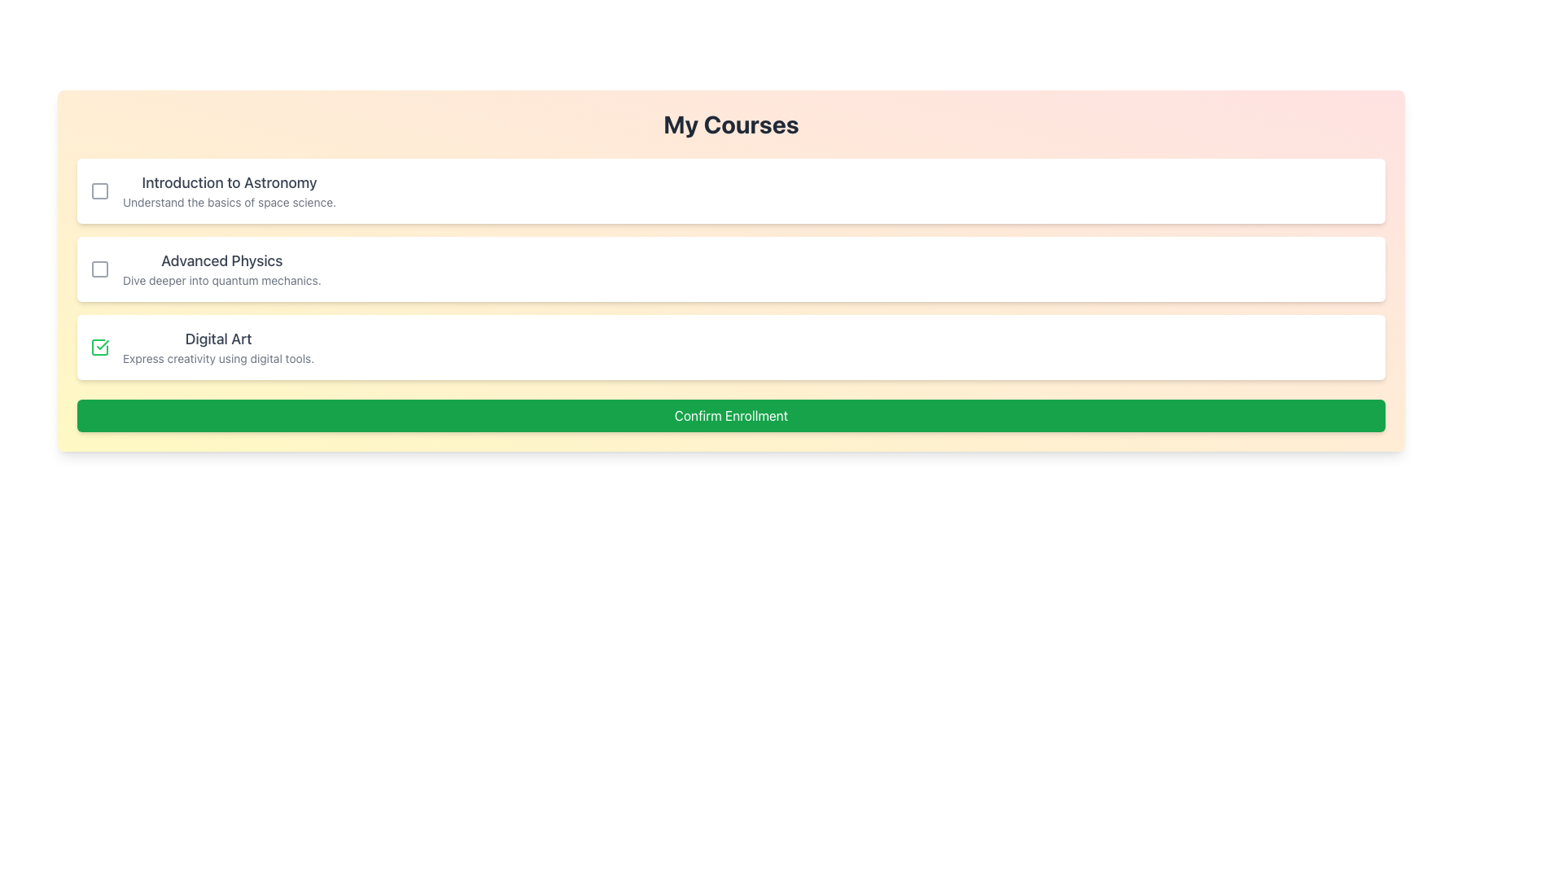  I want to click on first line of the text block that describes the 'Digital Art' course located in the third row of the 'My Courses' section, so click(217, 347).